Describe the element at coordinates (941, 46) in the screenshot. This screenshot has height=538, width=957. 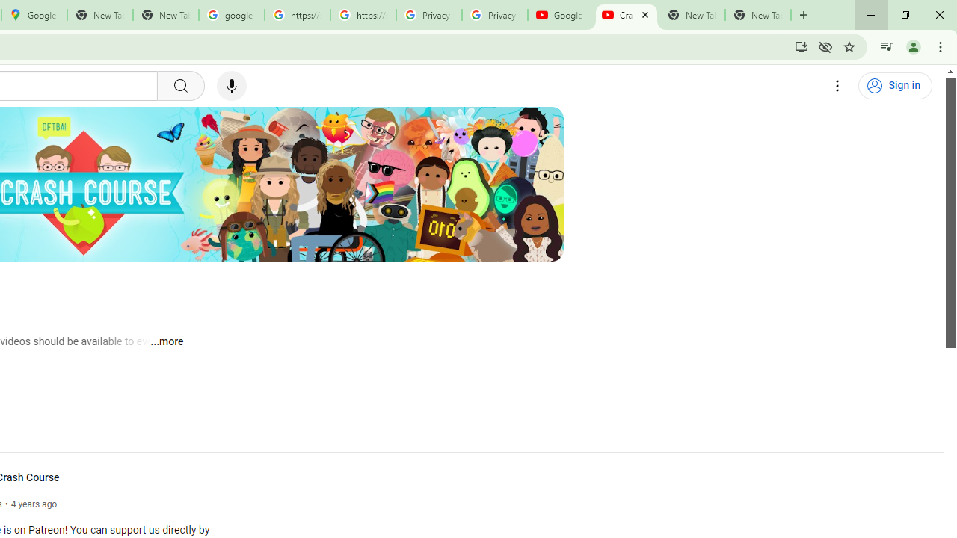
I see `'Chrome'` at that location.